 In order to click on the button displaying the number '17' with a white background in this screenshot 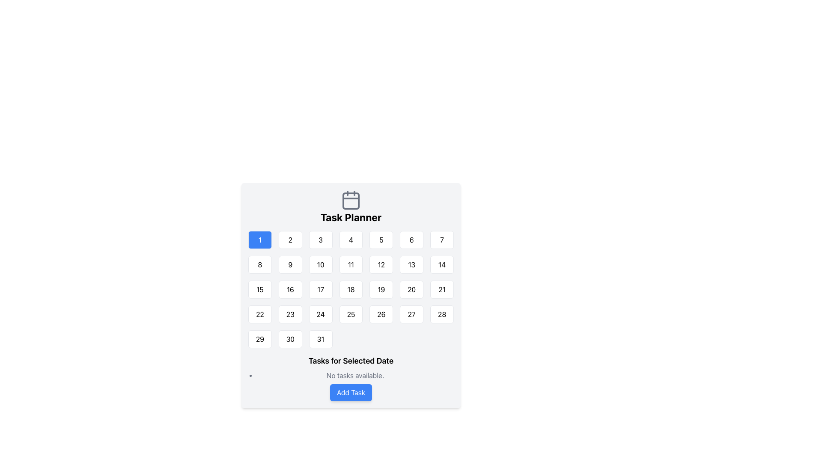, I will do `click(320, 289)`.